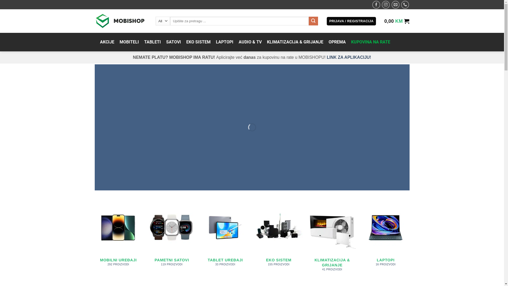  I want to click on 'SATOVI', so click(174, 42).